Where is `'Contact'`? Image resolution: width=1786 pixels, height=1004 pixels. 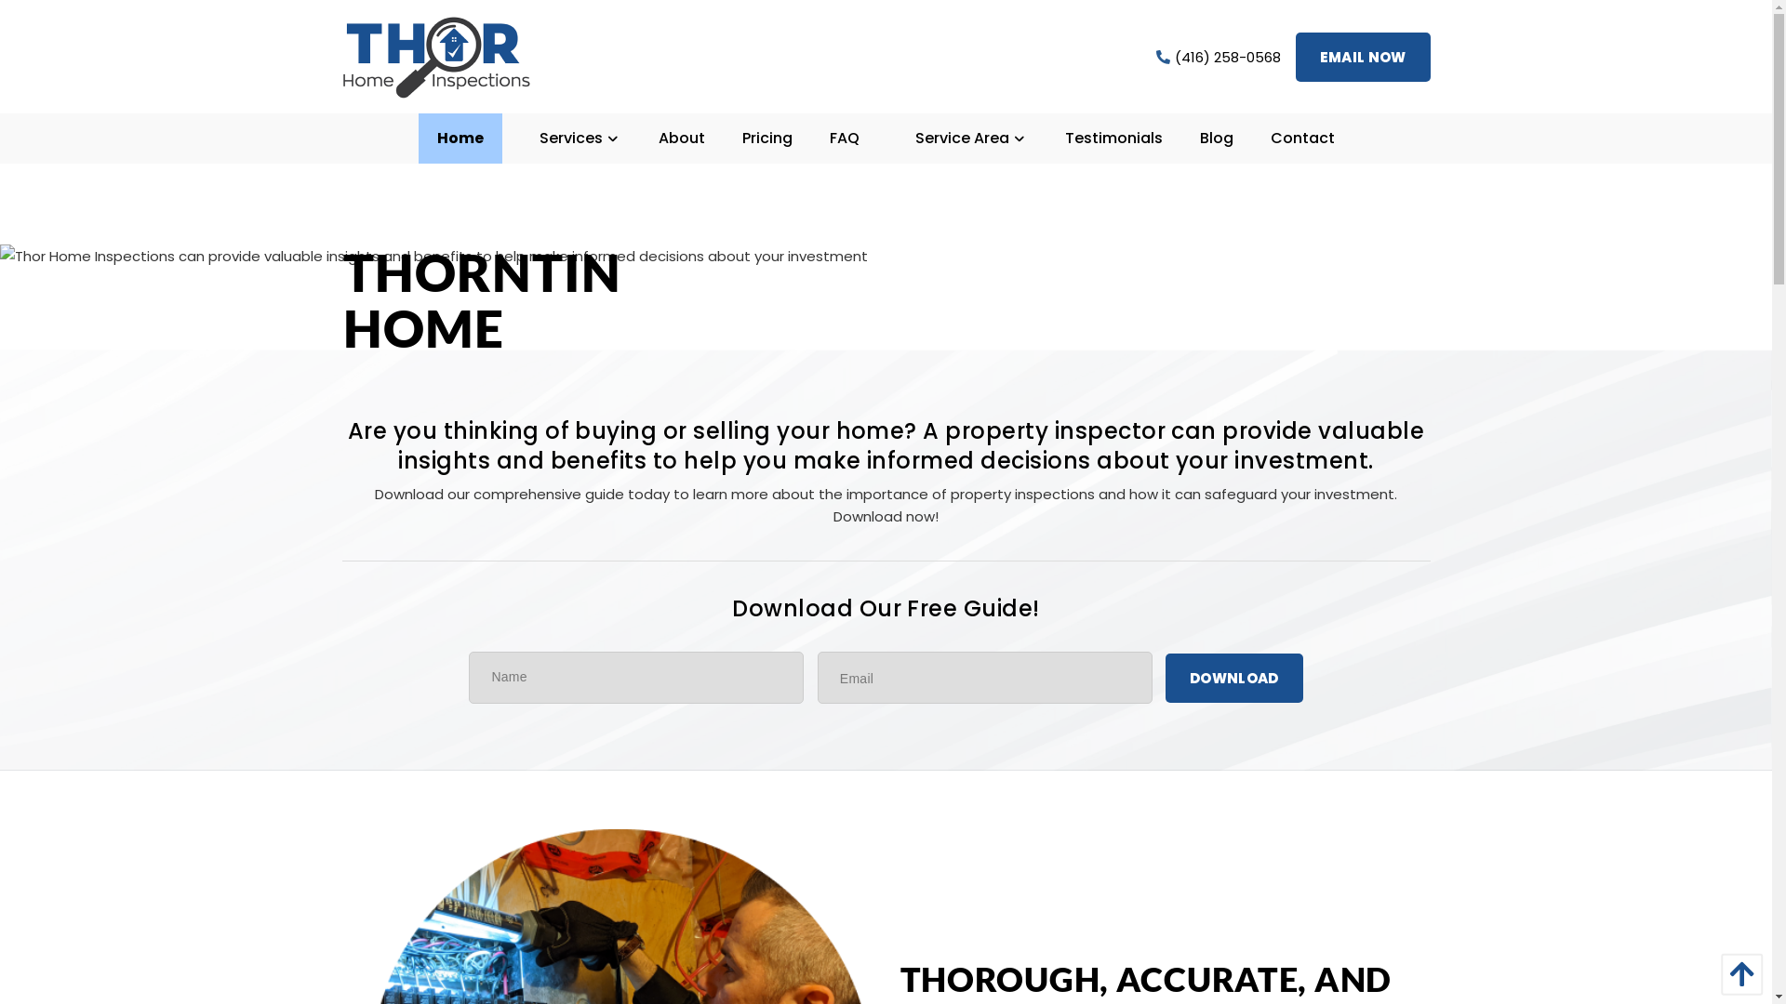 'Contact' is located at coordinates (1301, 138).